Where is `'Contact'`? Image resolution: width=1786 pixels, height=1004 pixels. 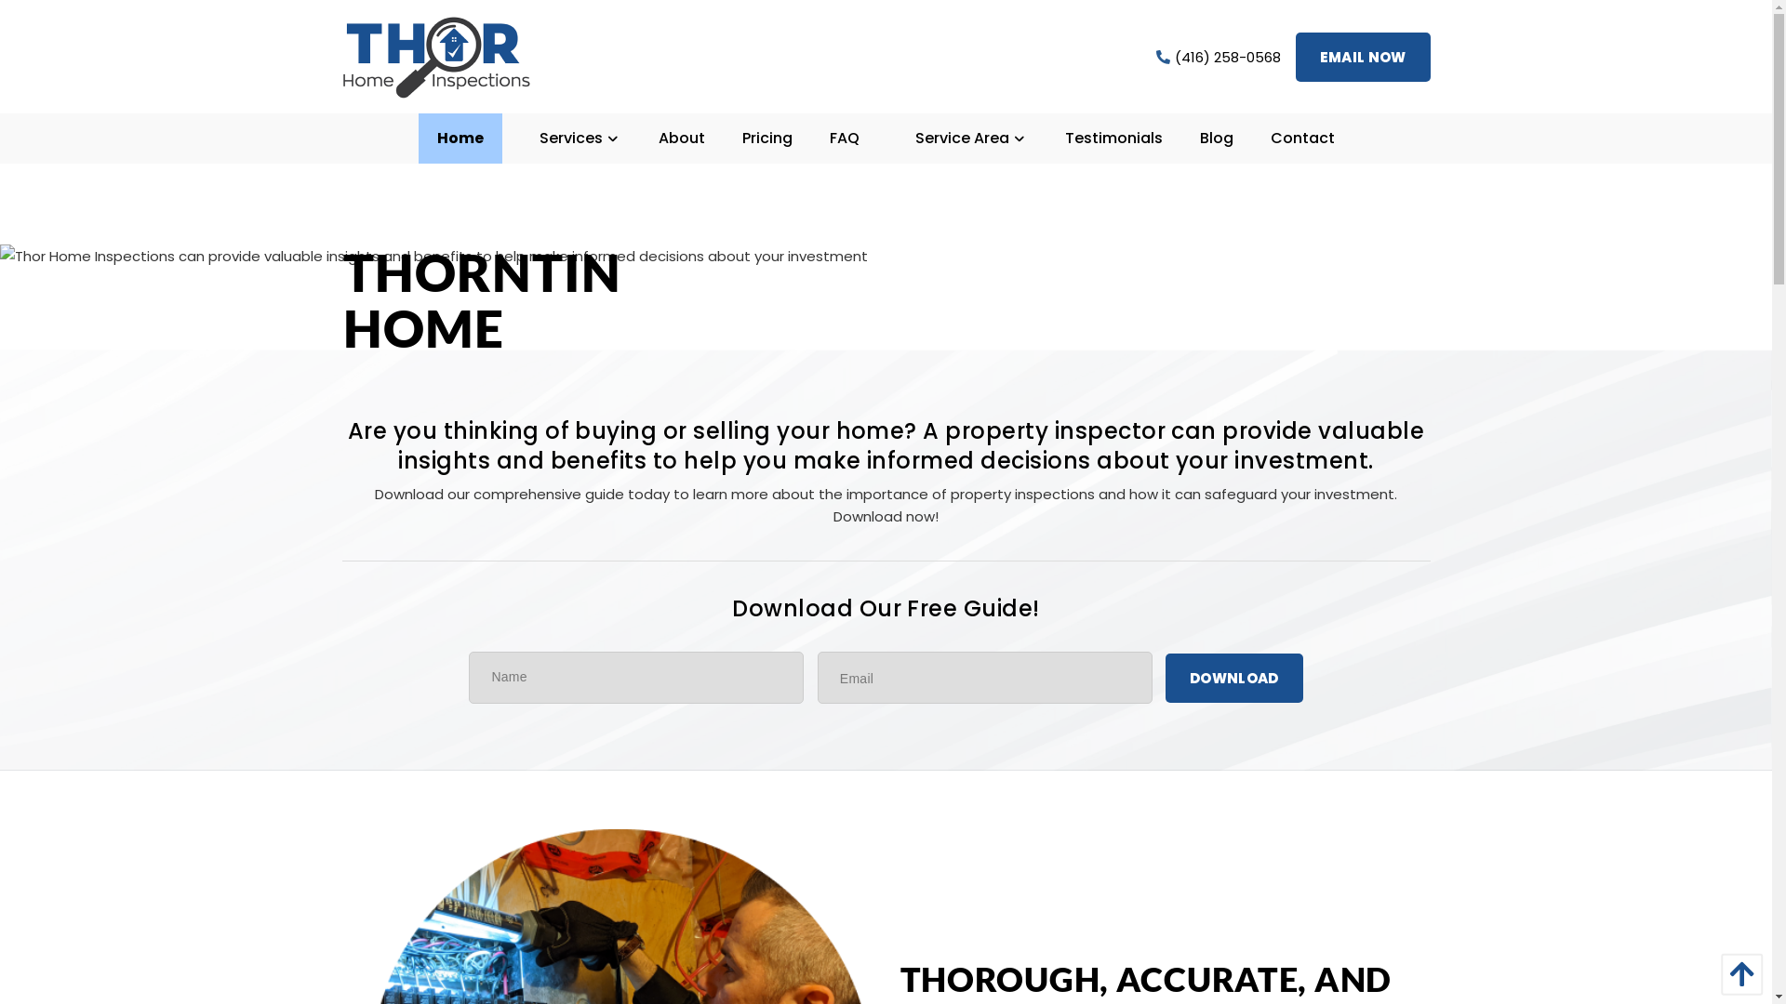 'Contact' is located at coordinates (1301, 138).